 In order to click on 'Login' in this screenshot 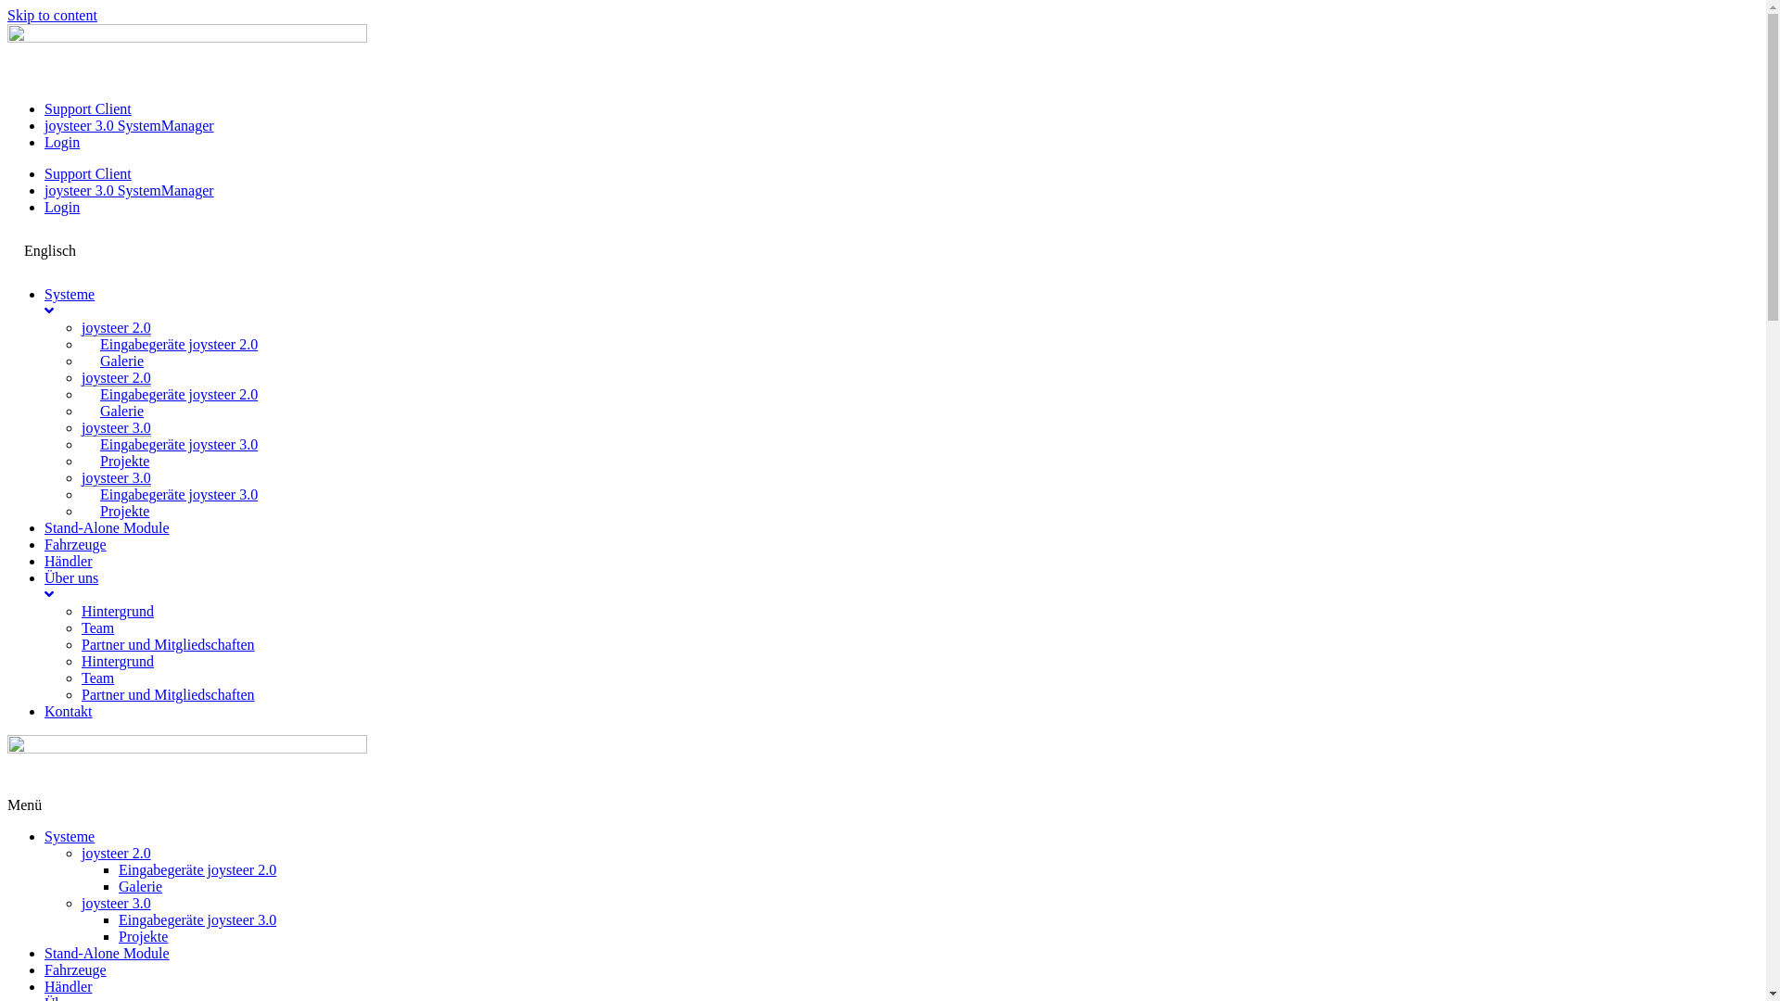, I will do `click(62, 207)`.